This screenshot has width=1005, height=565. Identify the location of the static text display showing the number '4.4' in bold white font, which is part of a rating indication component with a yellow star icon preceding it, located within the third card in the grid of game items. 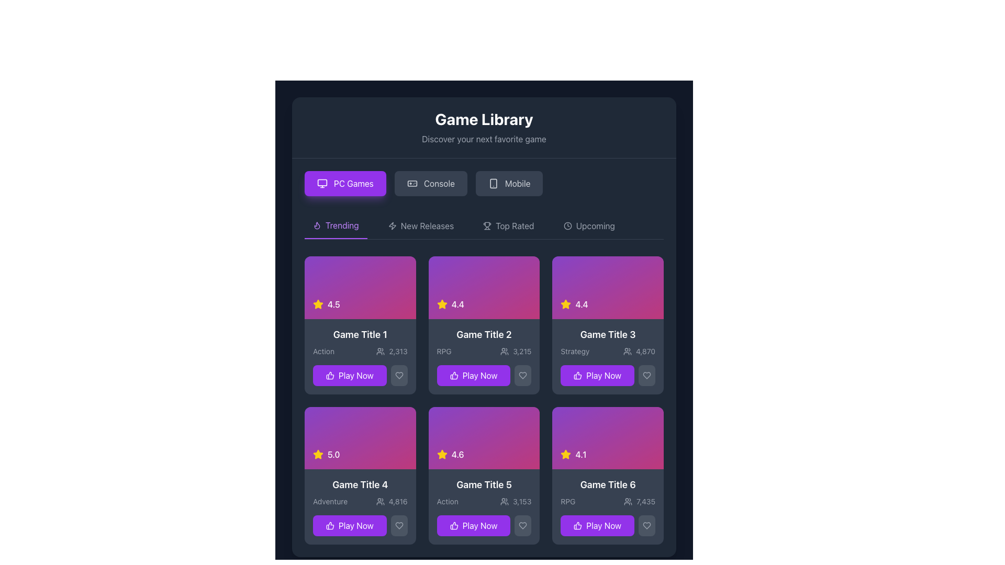
(581, 304).